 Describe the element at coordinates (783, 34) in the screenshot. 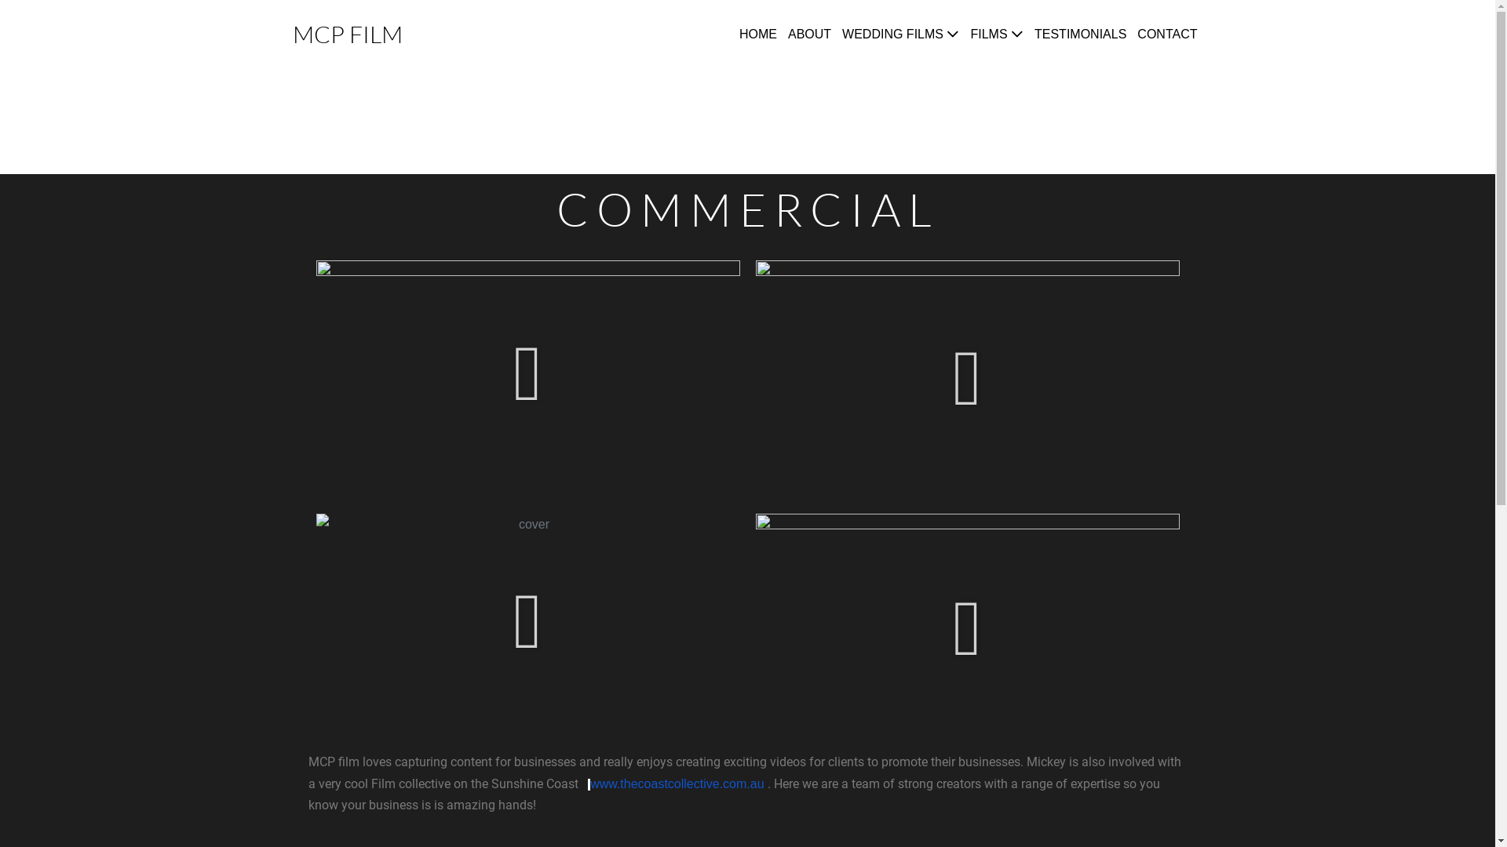

I see `'ABOUT'` at that location.